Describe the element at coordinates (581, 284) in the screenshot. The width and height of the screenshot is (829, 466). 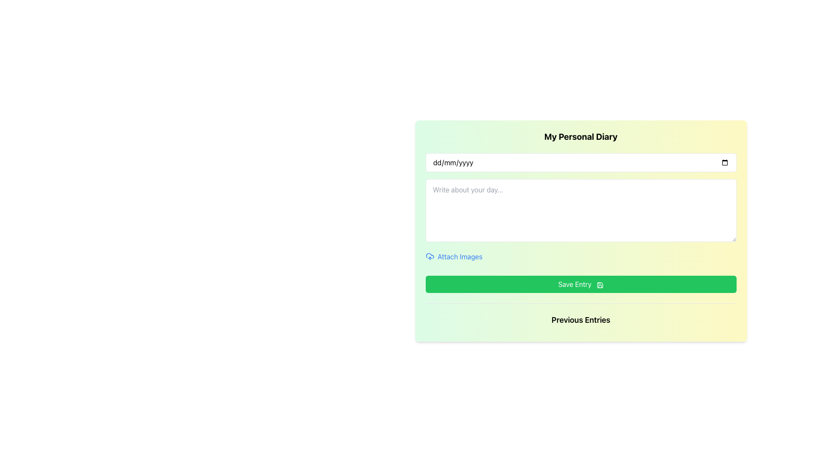
I see `the bright green 'Save Entry' button with bold white text` at that location.